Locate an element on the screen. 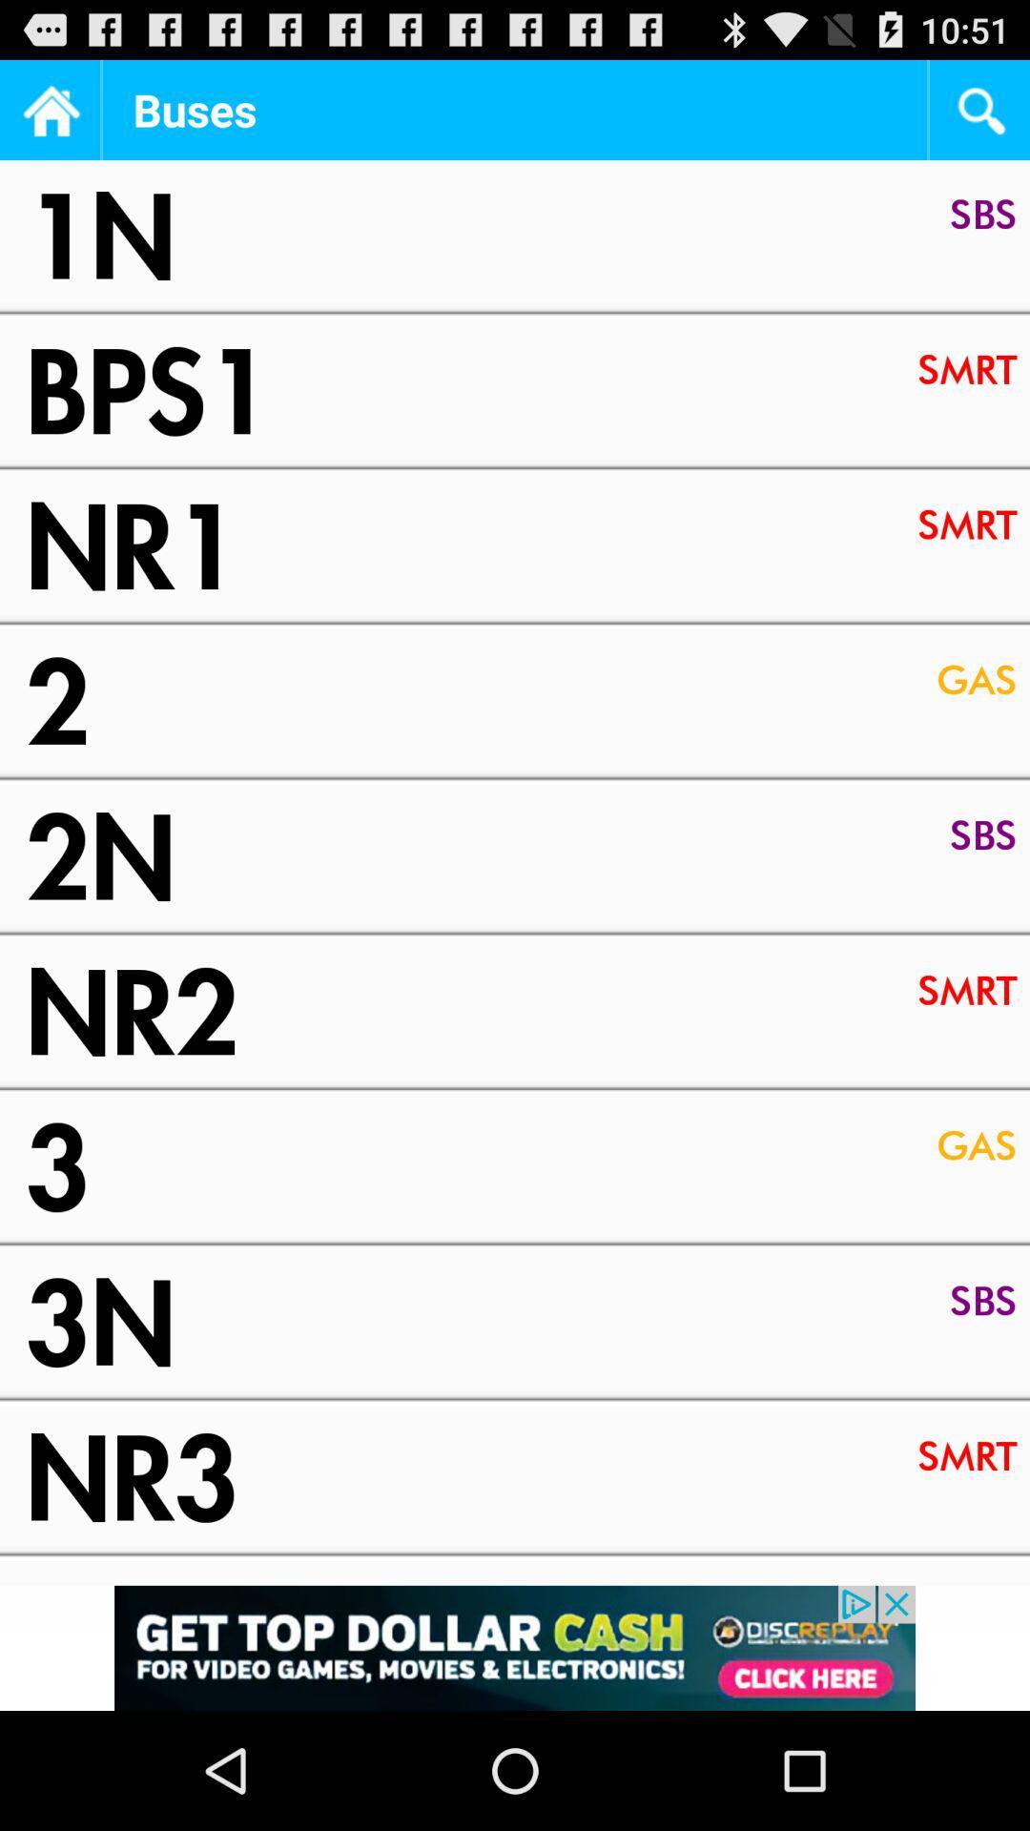 The height and width of the screenshot is (1831, 1030). the home icon is located at coordinates (49, 116).